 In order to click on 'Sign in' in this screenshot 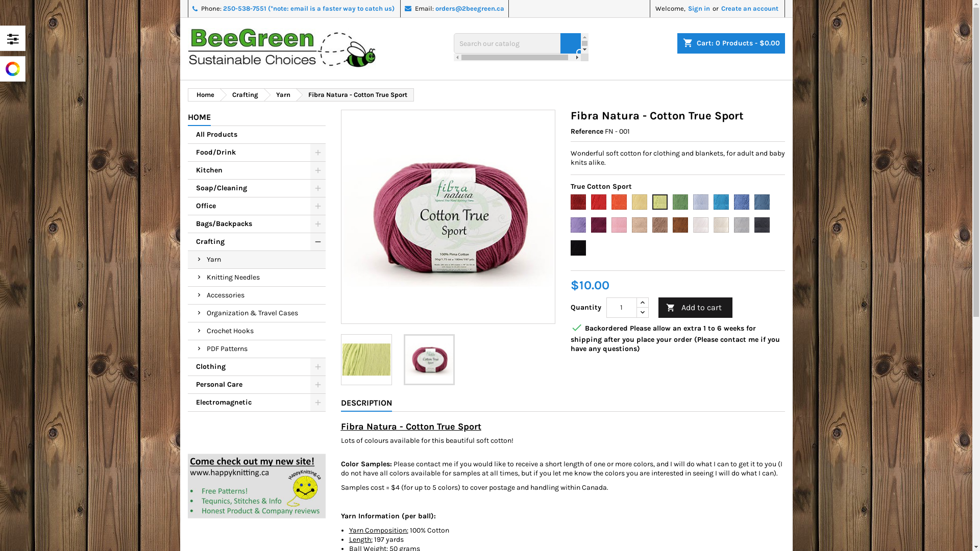, I will do `click(698, 8)`.